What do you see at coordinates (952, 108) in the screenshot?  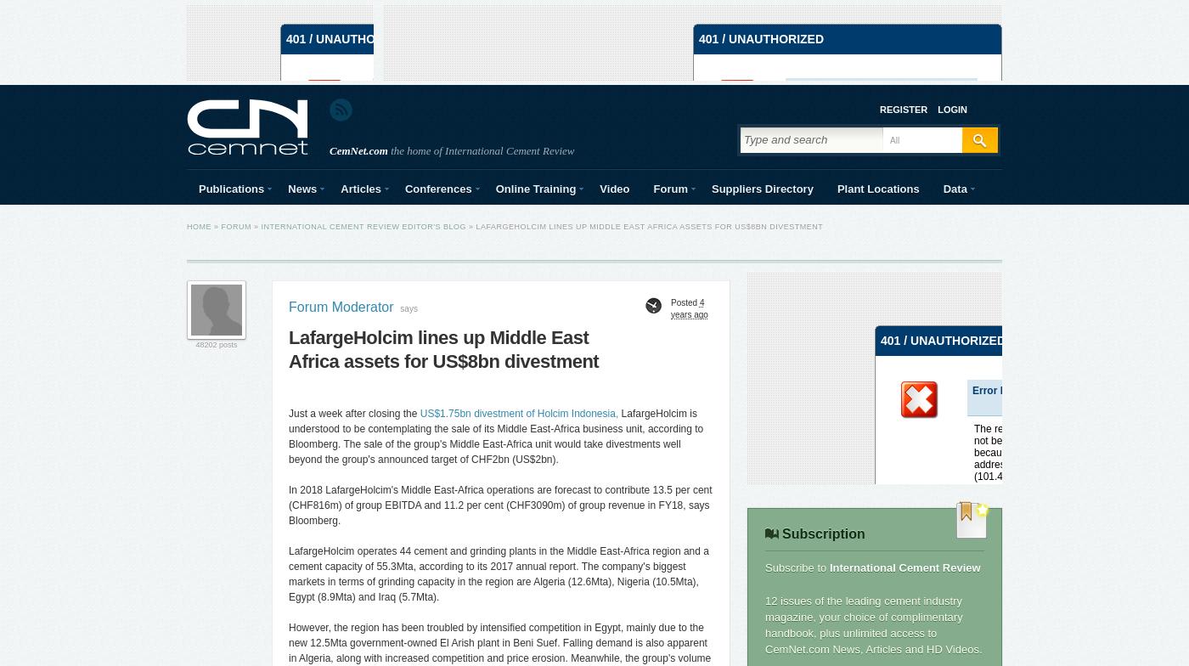 I see `'Login'` at bounding box center [952, 108].